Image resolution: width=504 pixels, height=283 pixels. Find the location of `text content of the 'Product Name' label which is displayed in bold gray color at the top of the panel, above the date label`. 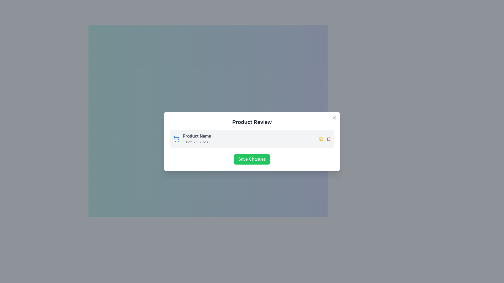

text content of the 'Product Name' label which is displayed in bold gray color at the top of the panel, above the date label is located at coordinates (197, 136).